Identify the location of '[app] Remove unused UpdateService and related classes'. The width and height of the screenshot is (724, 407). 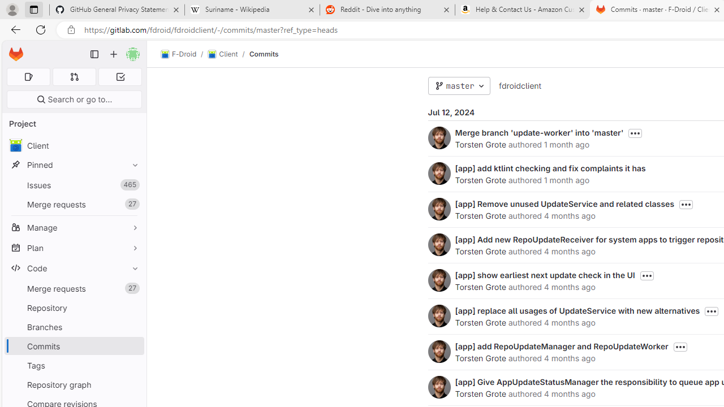
(564, 203).